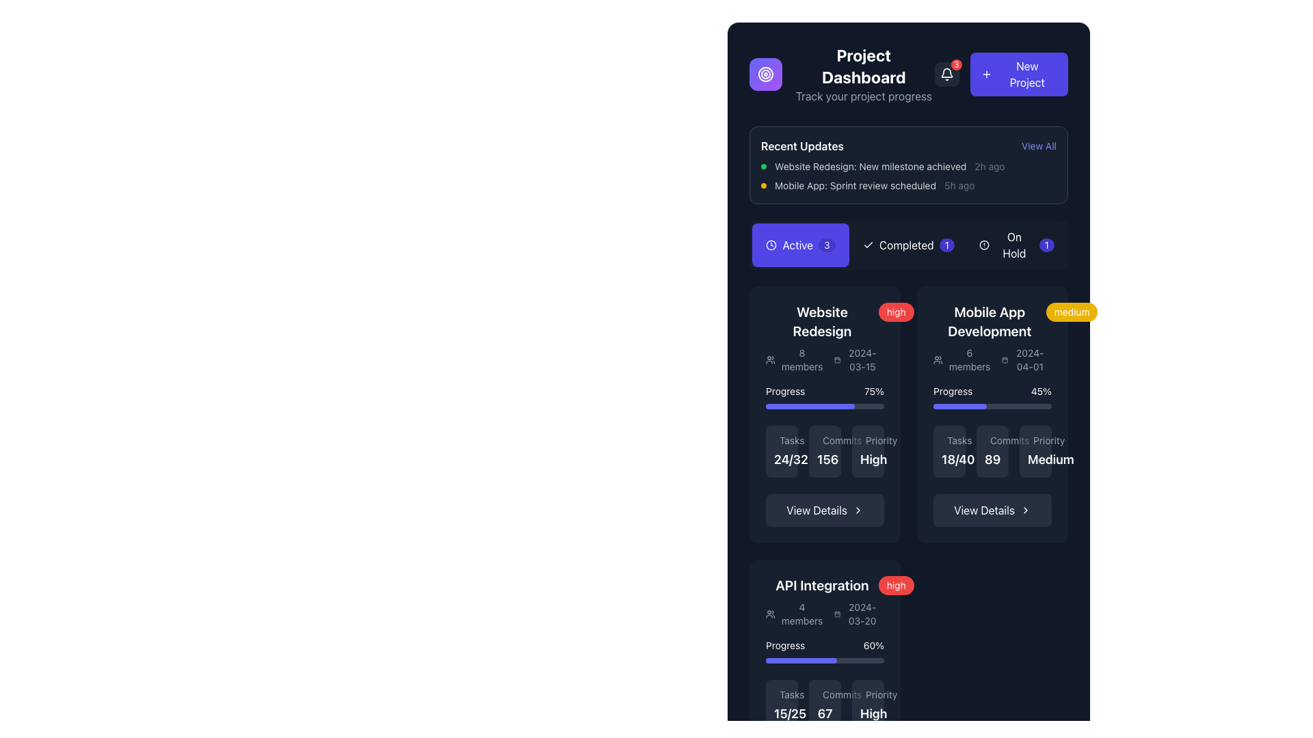 This screenshot has width=1313, height=738. What do you see at coordinates (821, 338) in the screenshot?
I see `project details from the 'Website Redesign' text and icon display component, which is prominently styled with a bold title and additional details below` at bounding box center [821, 338].